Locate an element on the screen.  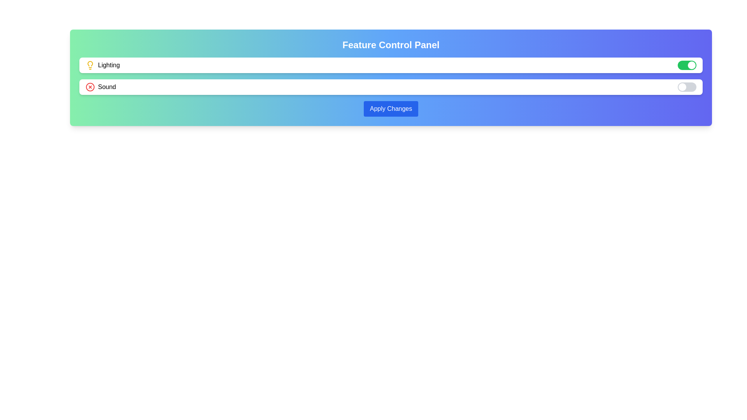
the red circular SVG icon next to the text 'Sound' in the second row of the control panel is located at coordinates (90, 87).